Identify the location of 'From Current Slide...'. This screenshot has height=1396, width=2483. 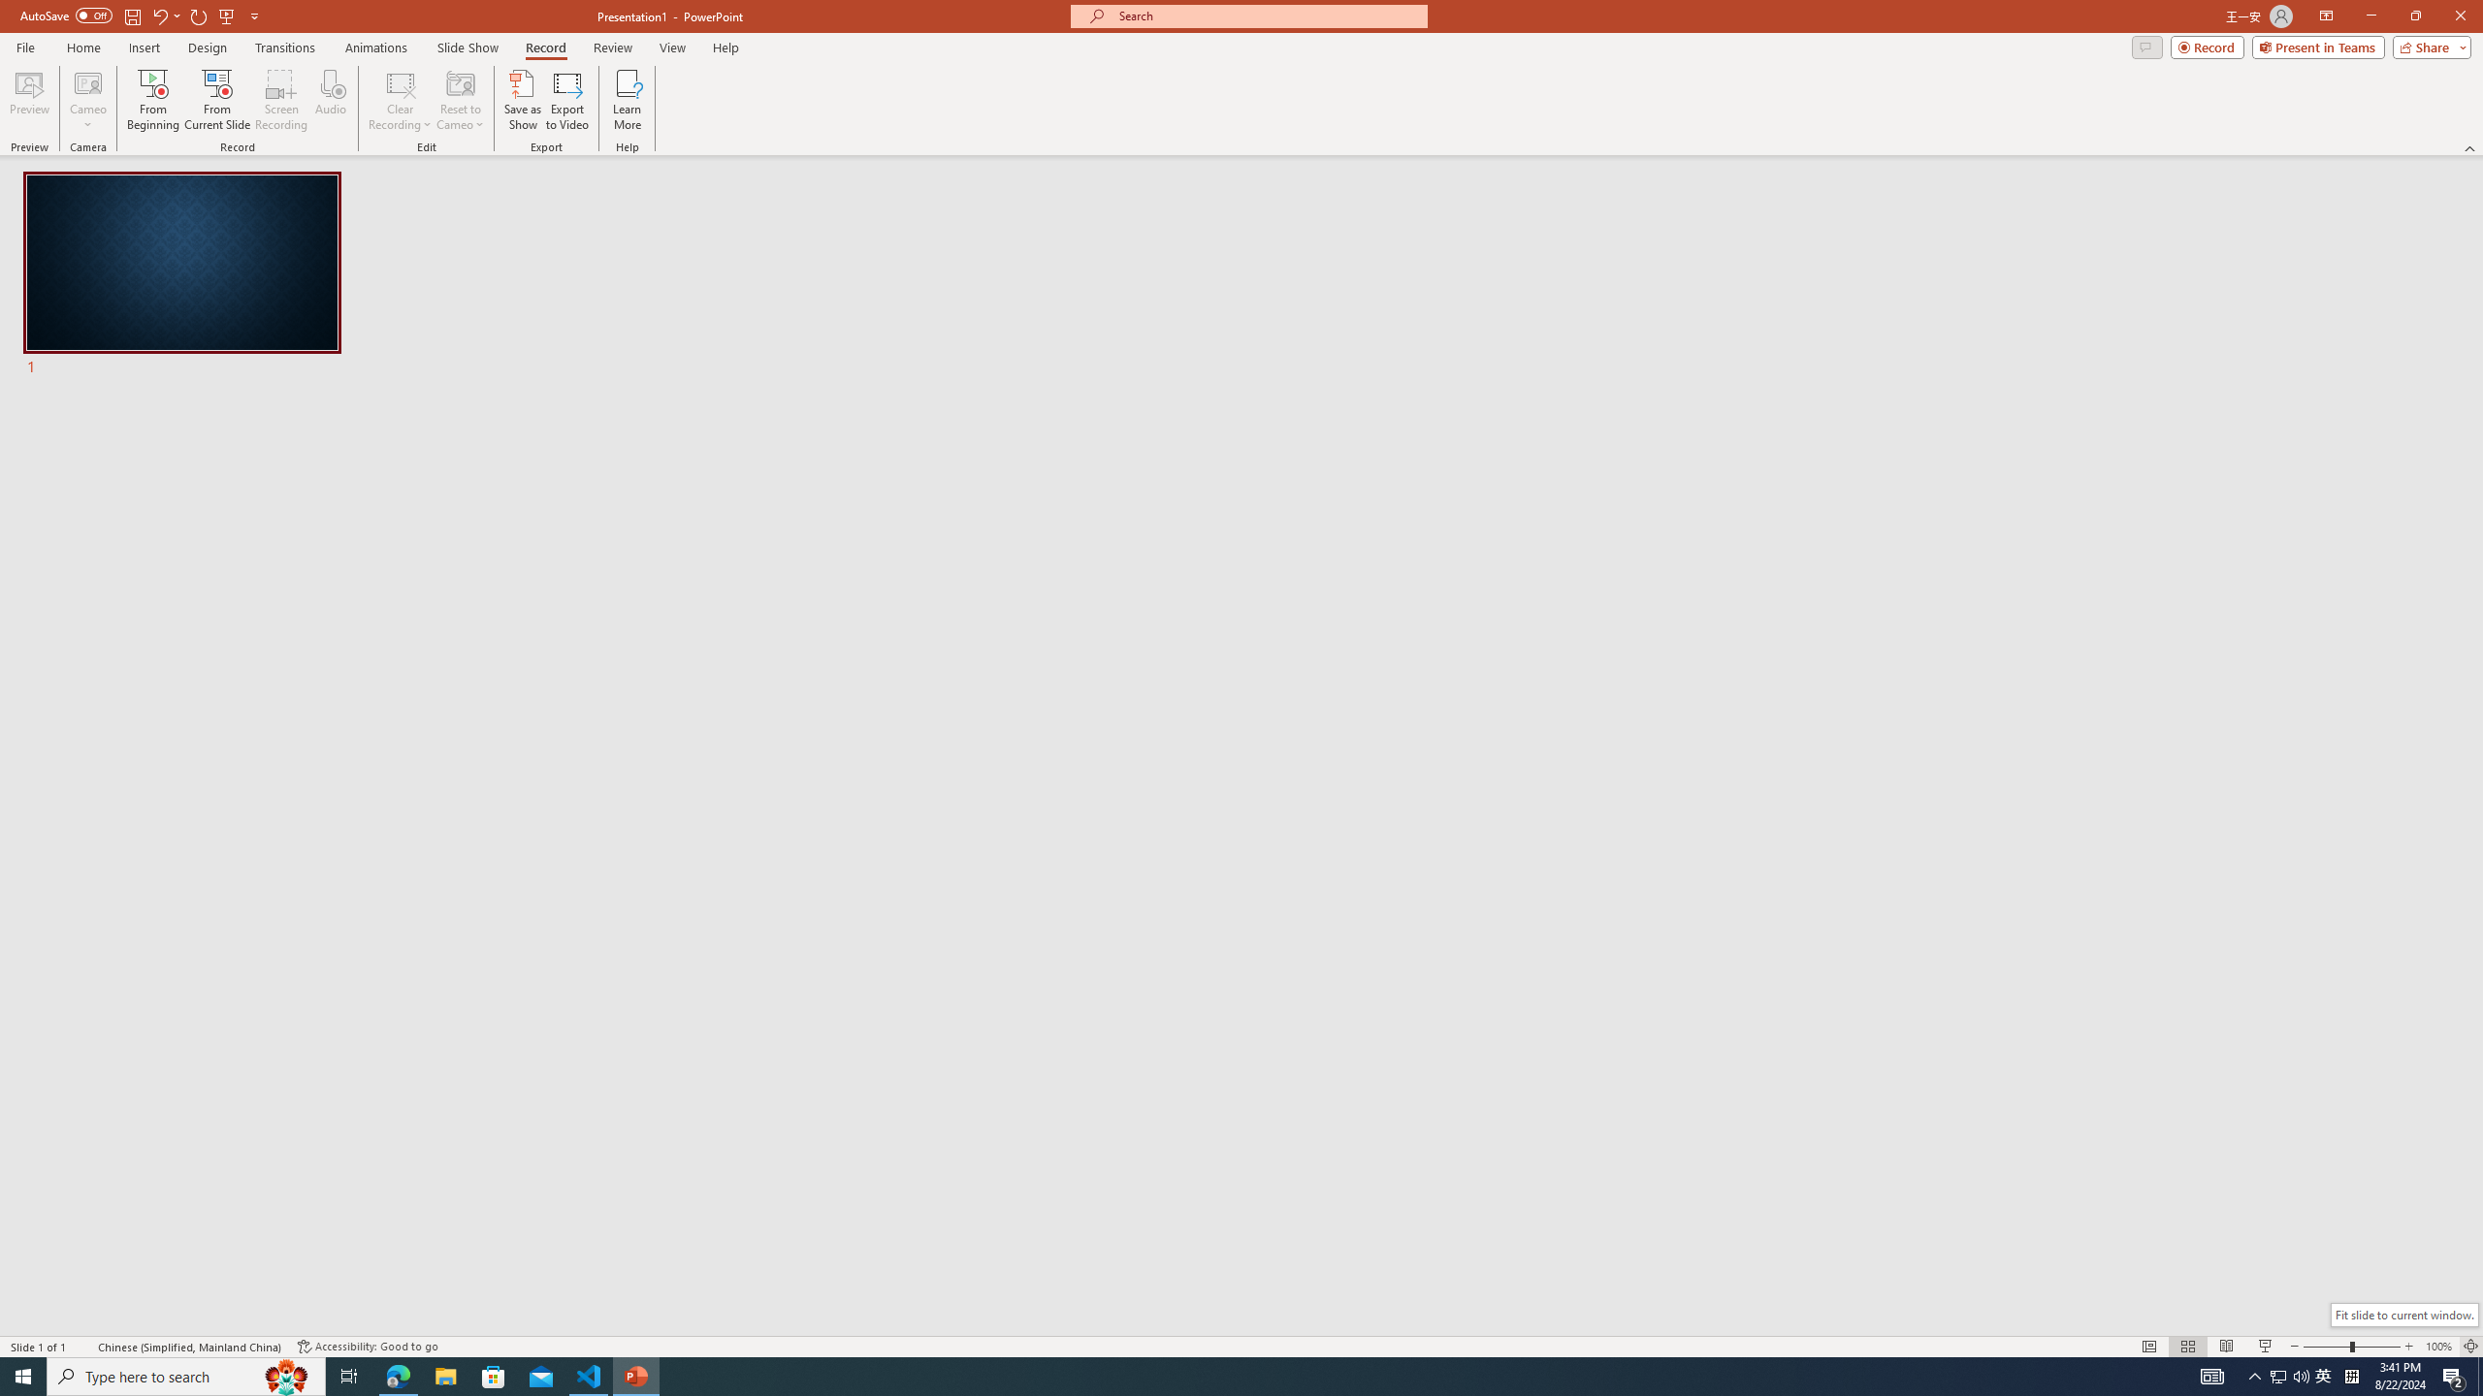
(217, 100).